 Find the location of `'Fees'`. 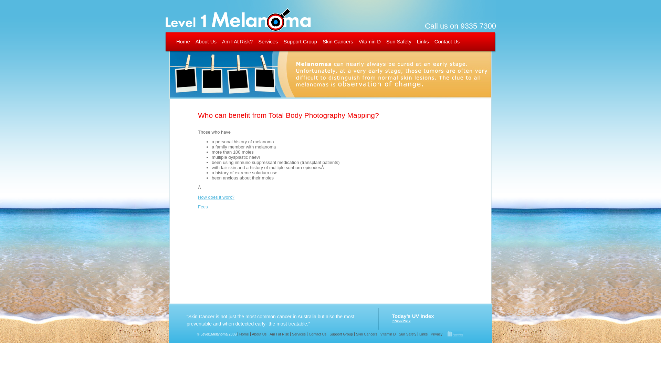

'Fees' is located at coordinates (202, 206).